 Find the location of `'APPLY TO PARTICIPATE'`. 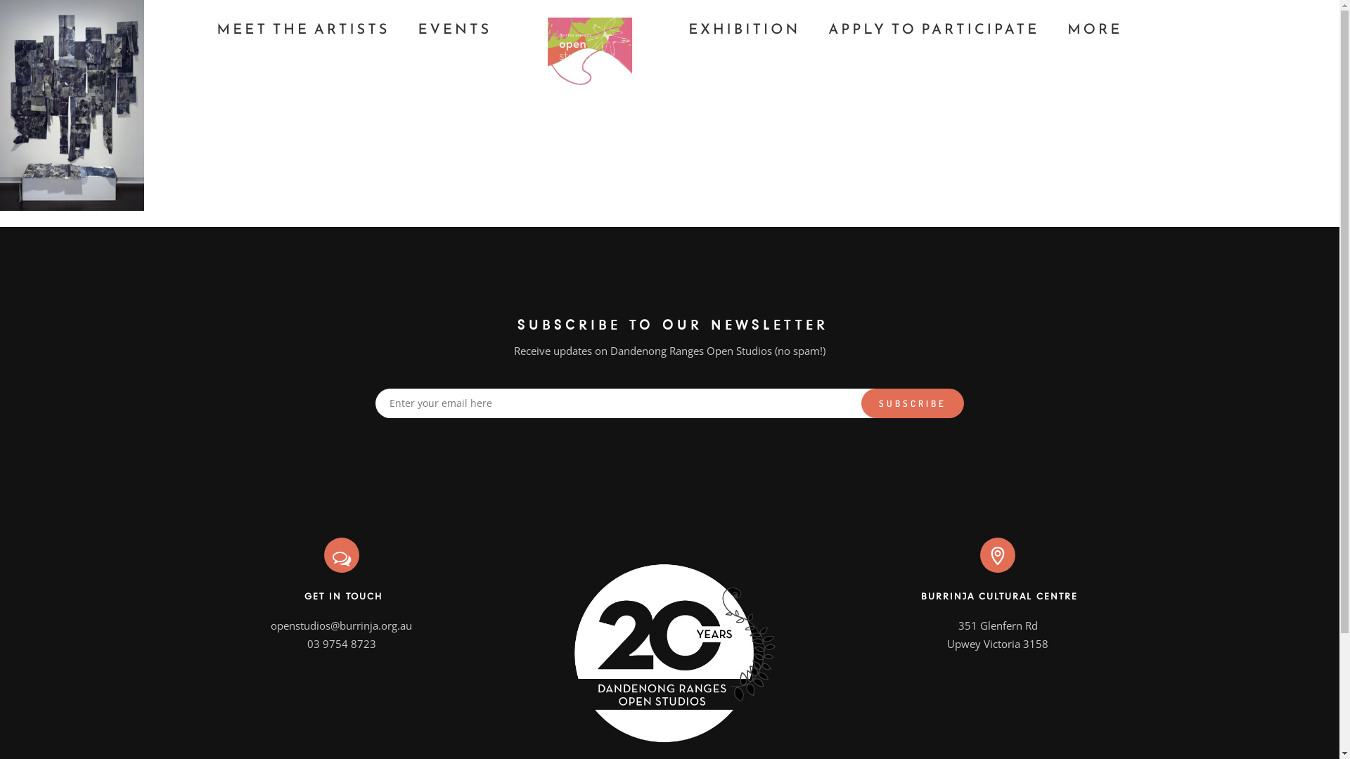

'APPLY TO PARTICIPATE' is located at coordinates (934, 27).